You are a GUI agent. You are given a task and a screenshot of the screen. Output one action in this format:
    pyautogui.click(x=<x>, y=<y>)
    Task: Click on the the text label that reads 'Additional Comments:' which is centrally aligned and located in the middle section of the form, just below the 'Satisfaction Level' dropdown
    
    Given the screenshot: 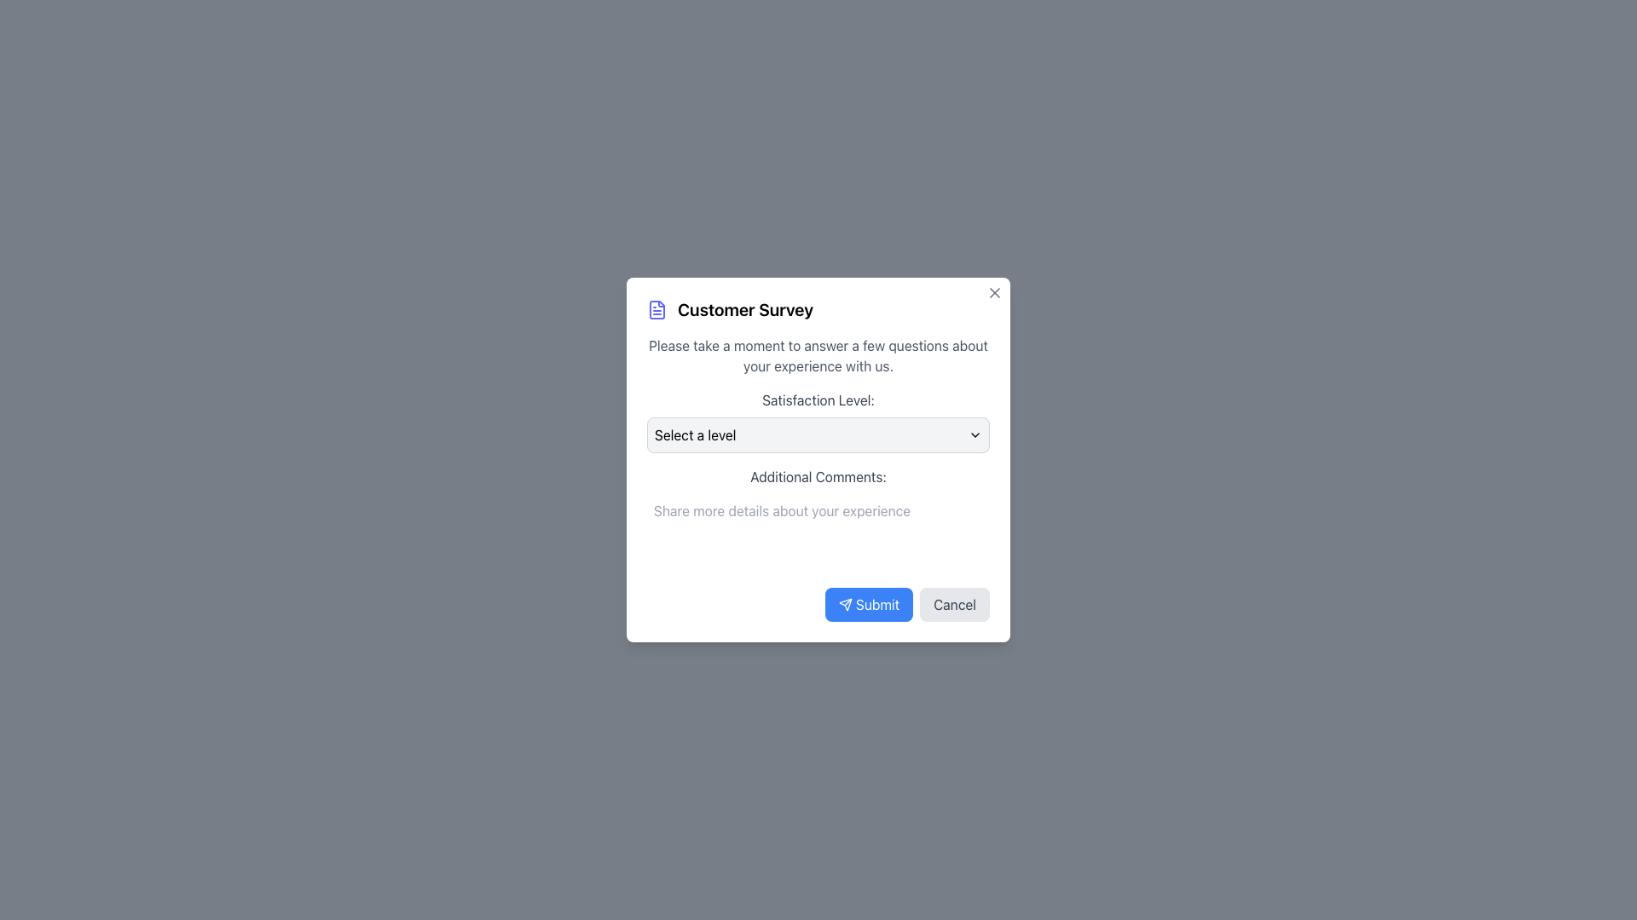 What is the action you would take?
    pyautogui.click(x=818, y=476)
    